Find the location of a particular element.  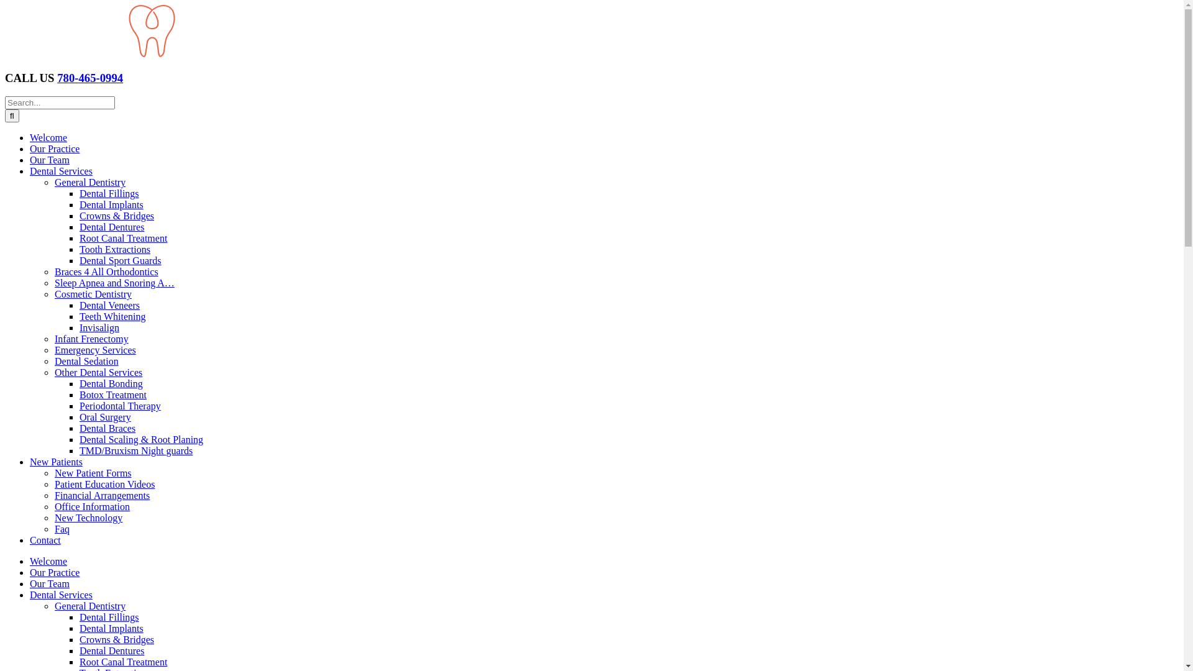

'Teeth Whitening' is located at coordinates (112, 316).